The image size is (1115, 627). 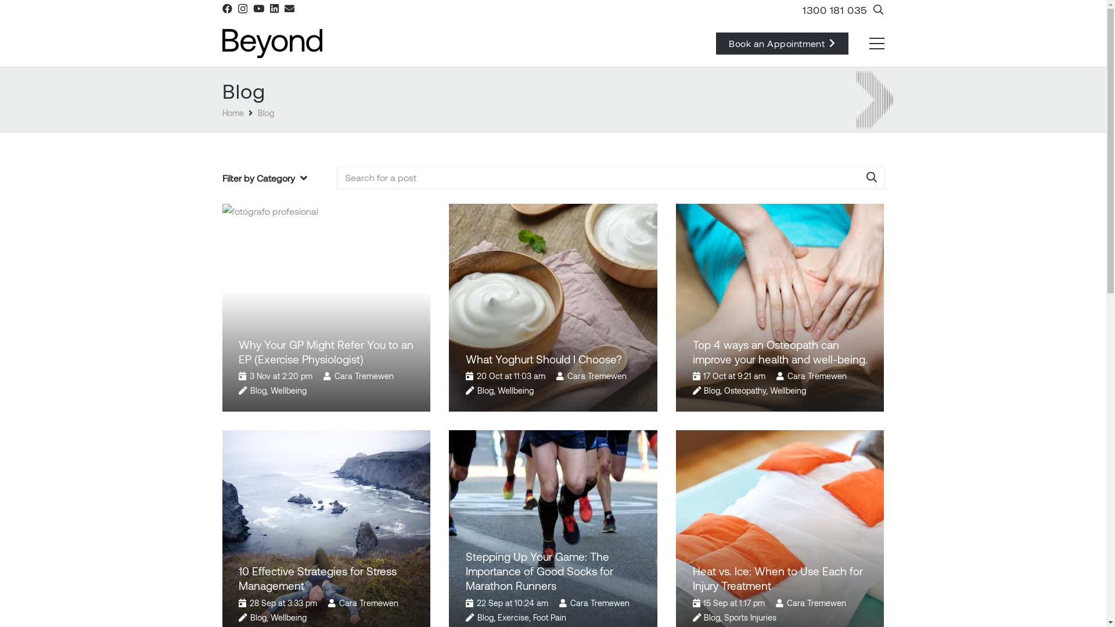 I want to click on 'LinkedIn', so click(x=273, y=8).